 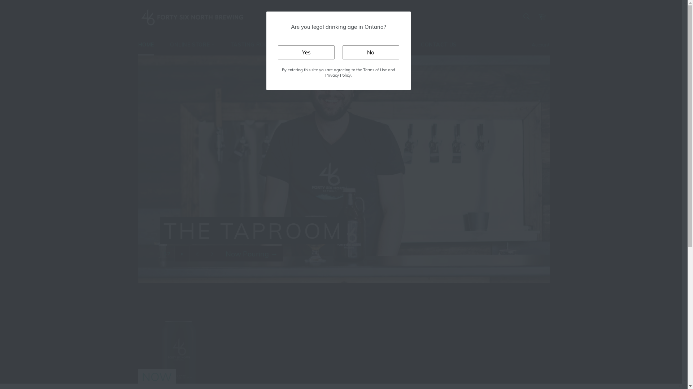 I want to click on 'Previous slide', so click(x=197, y=254).